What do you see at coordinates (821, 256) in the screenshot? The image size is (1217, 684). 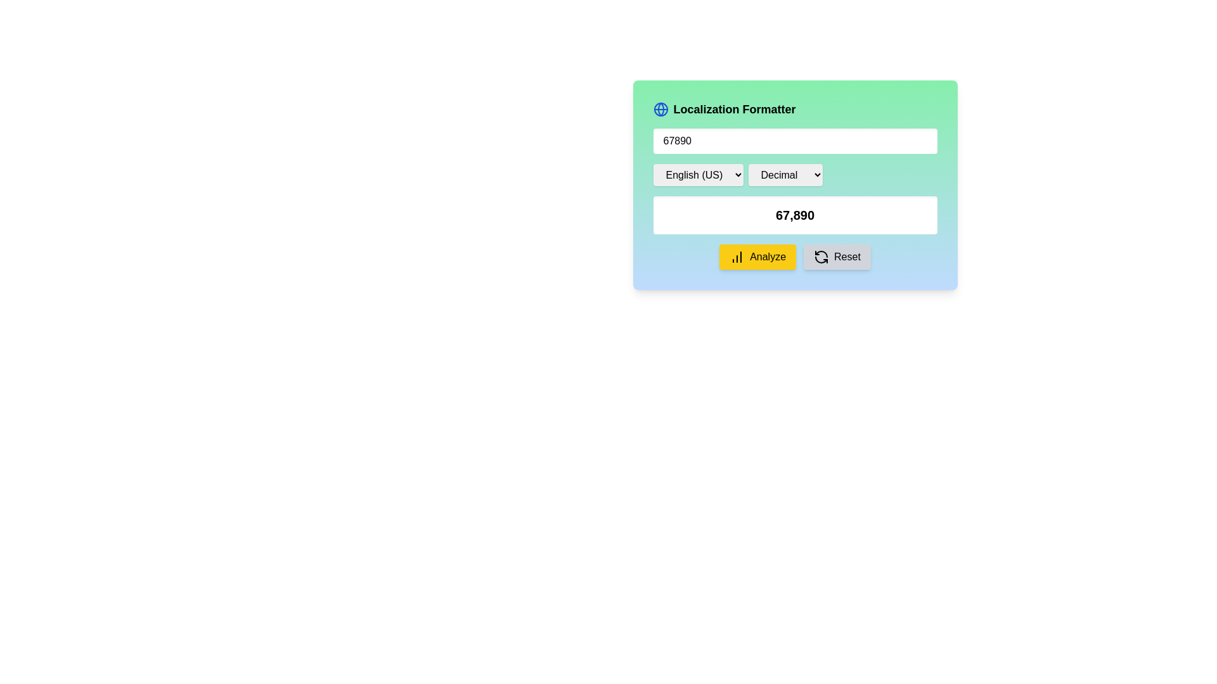 I see `the refresh icon located within the 'Reset' button in the bottom-right section of the Localization Formatter interface` at bounding box center [821, 256].